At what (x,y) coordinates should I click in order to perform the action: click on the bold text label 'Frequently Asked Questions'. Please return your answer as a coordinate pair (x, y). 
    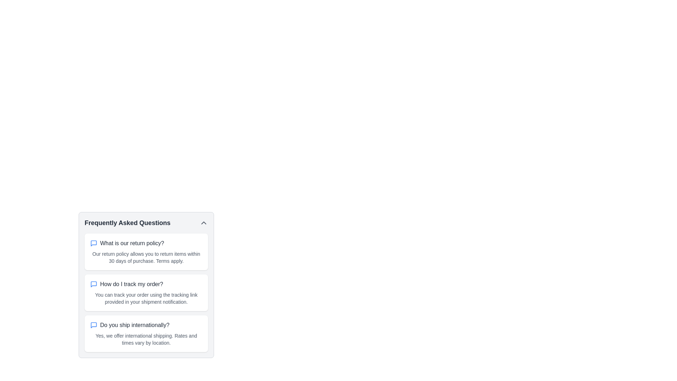
    Looking at the image, I should click on (146, 223).